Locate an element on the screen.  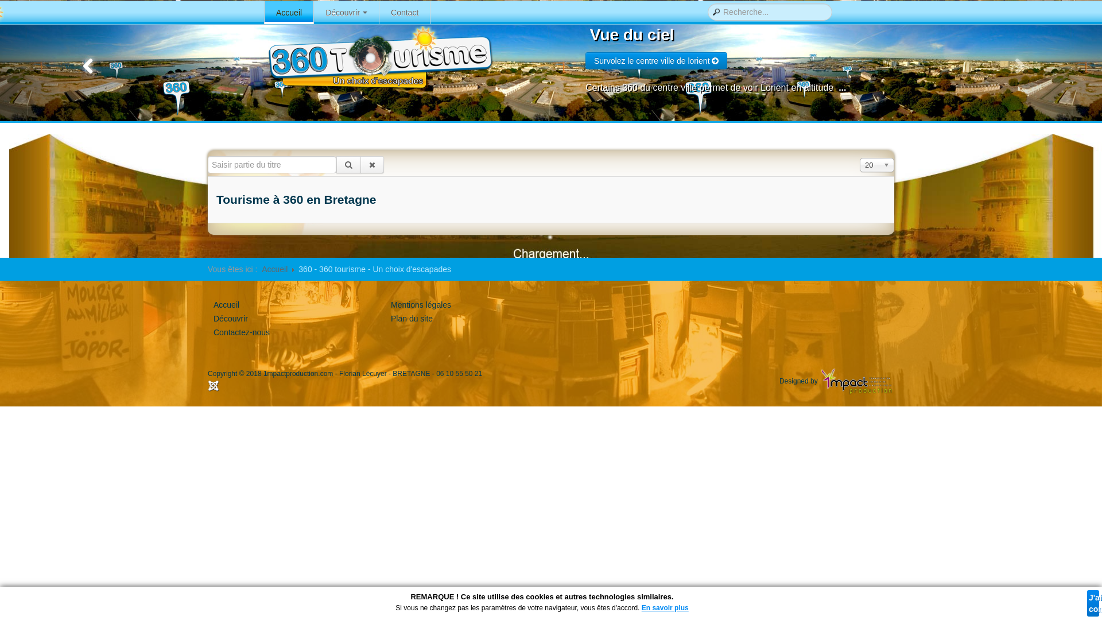
'Contactez-nous' is located at coordinates (214, 332).